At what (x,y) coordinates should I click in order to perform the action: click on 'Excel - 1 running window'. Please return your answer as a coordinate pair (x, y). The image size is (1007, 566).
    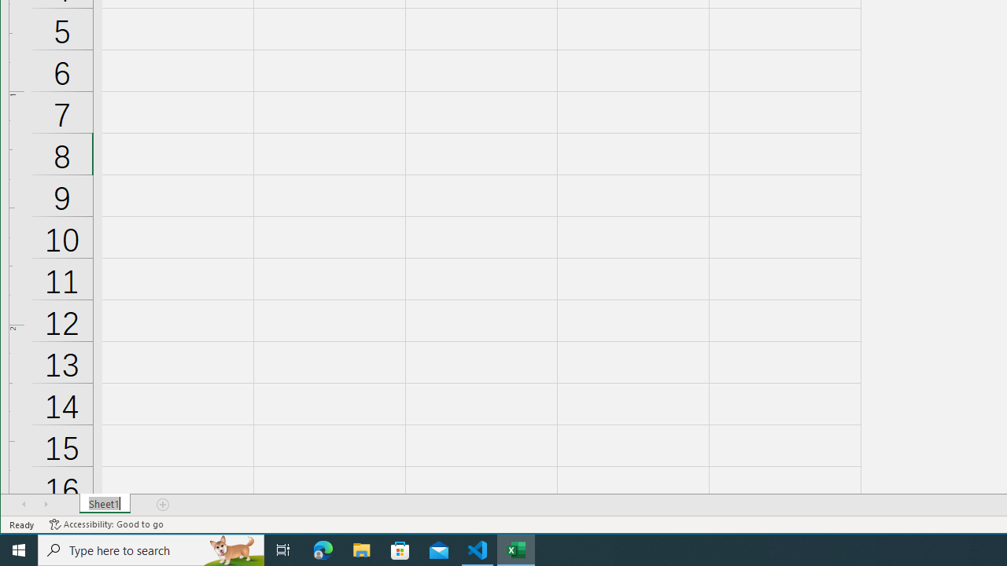
    Looking at the image, I should click on (516, 549).